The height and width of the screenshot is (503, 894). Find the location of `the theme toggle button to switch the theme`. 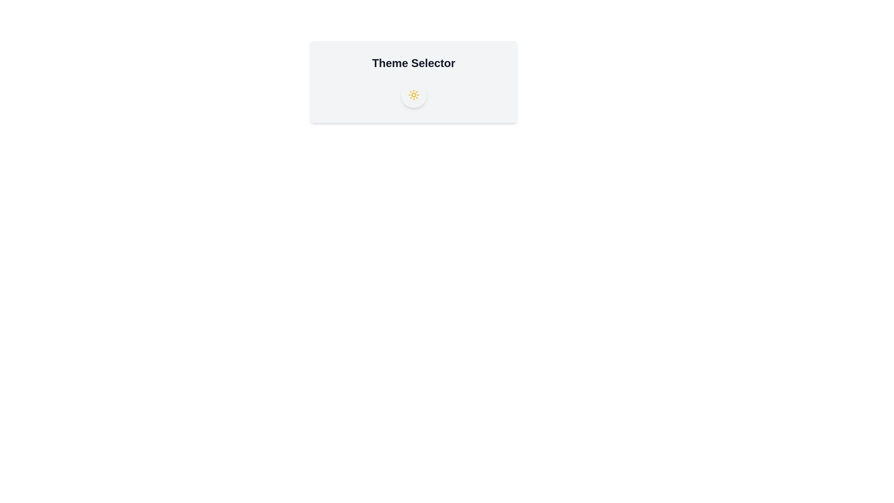

the theme toggle button to switch the theme is located at coordinates (413, 95).